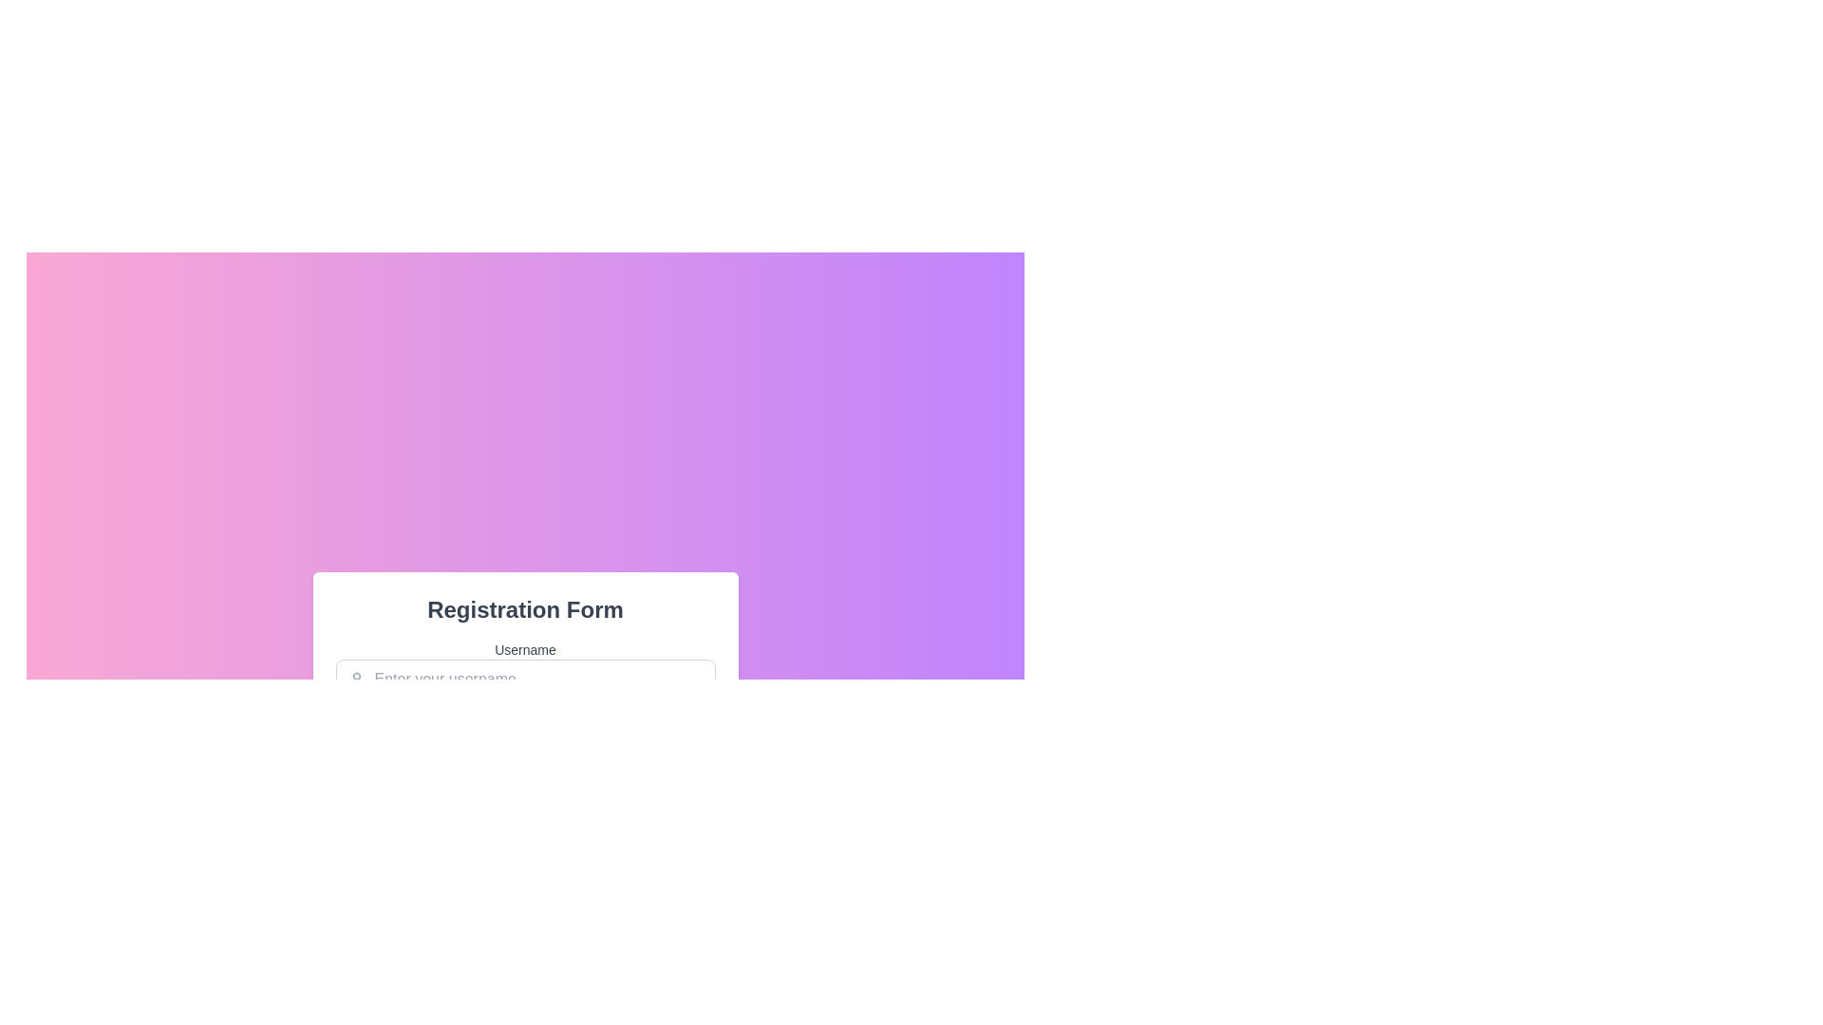  Describe the element at coordinates (356, 753) in the screenshot. I see `to select the decorative SVG rectangle element located near the bottom-left corner of the interface` at that location.